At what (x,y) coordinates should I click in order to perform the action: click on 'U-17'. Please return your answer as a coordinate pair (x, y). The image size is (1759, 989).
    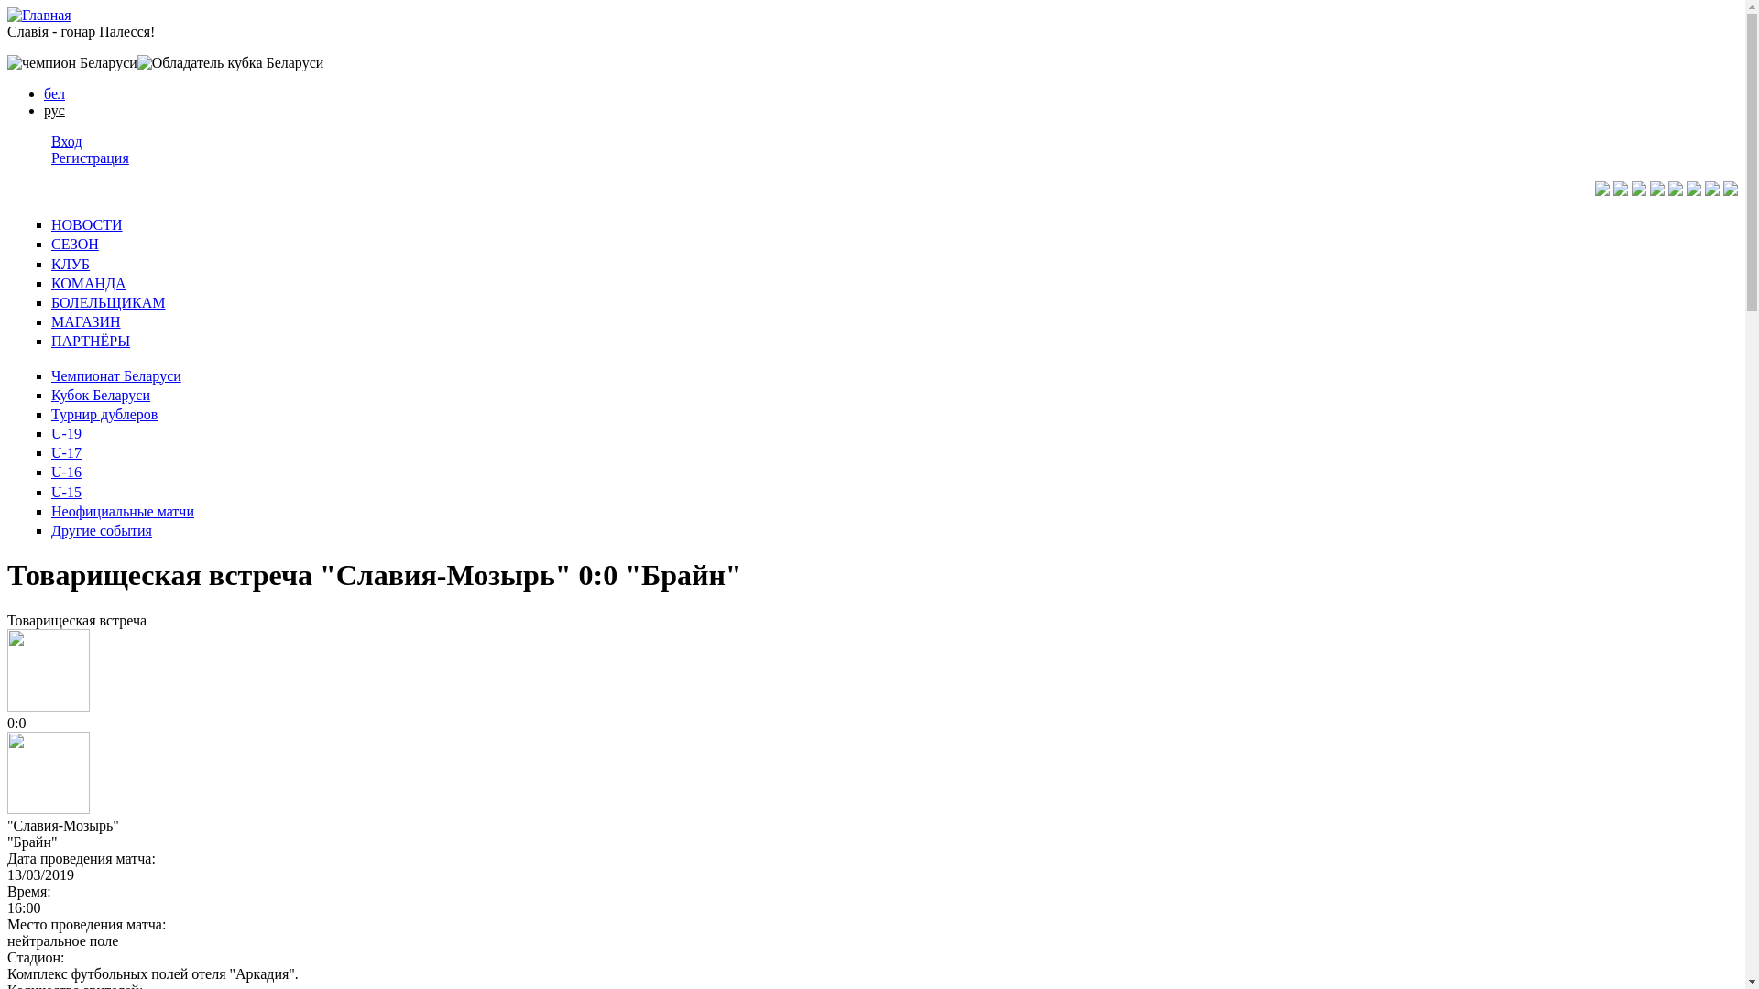
    Looking at the image, I should click on (51, 452).